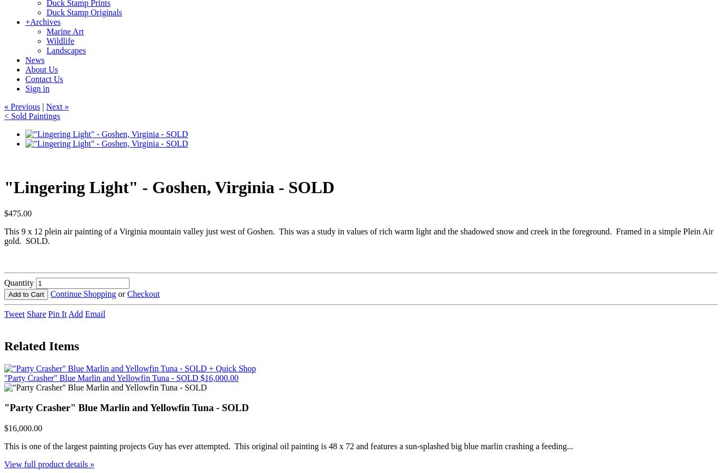  What do you see at coordinates (37, 88) in the screenshot?
I see `'Sign in'` at bounding box center [37, 88].